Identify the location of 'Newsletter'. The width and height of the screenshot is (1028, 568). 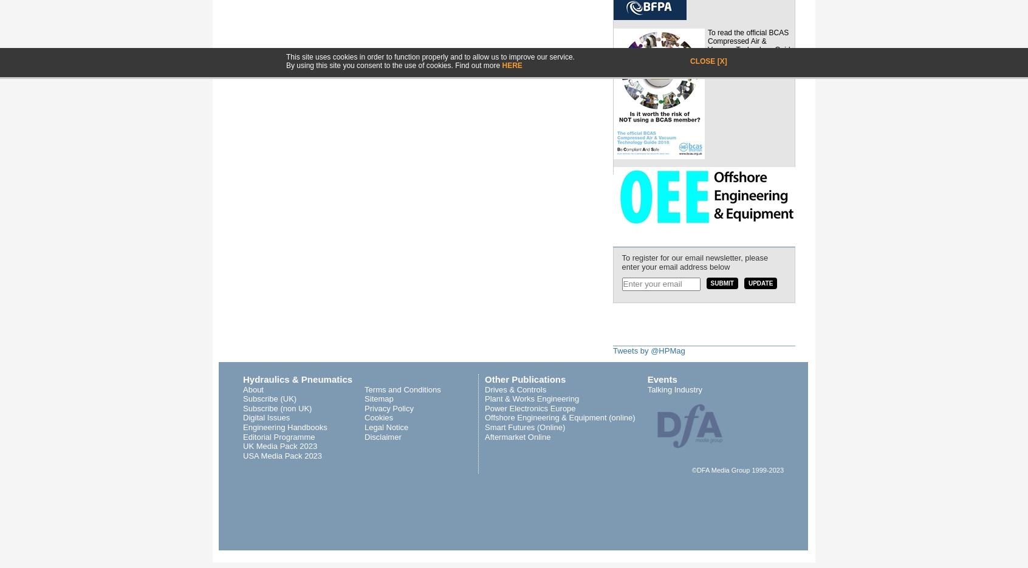
(640, 238).